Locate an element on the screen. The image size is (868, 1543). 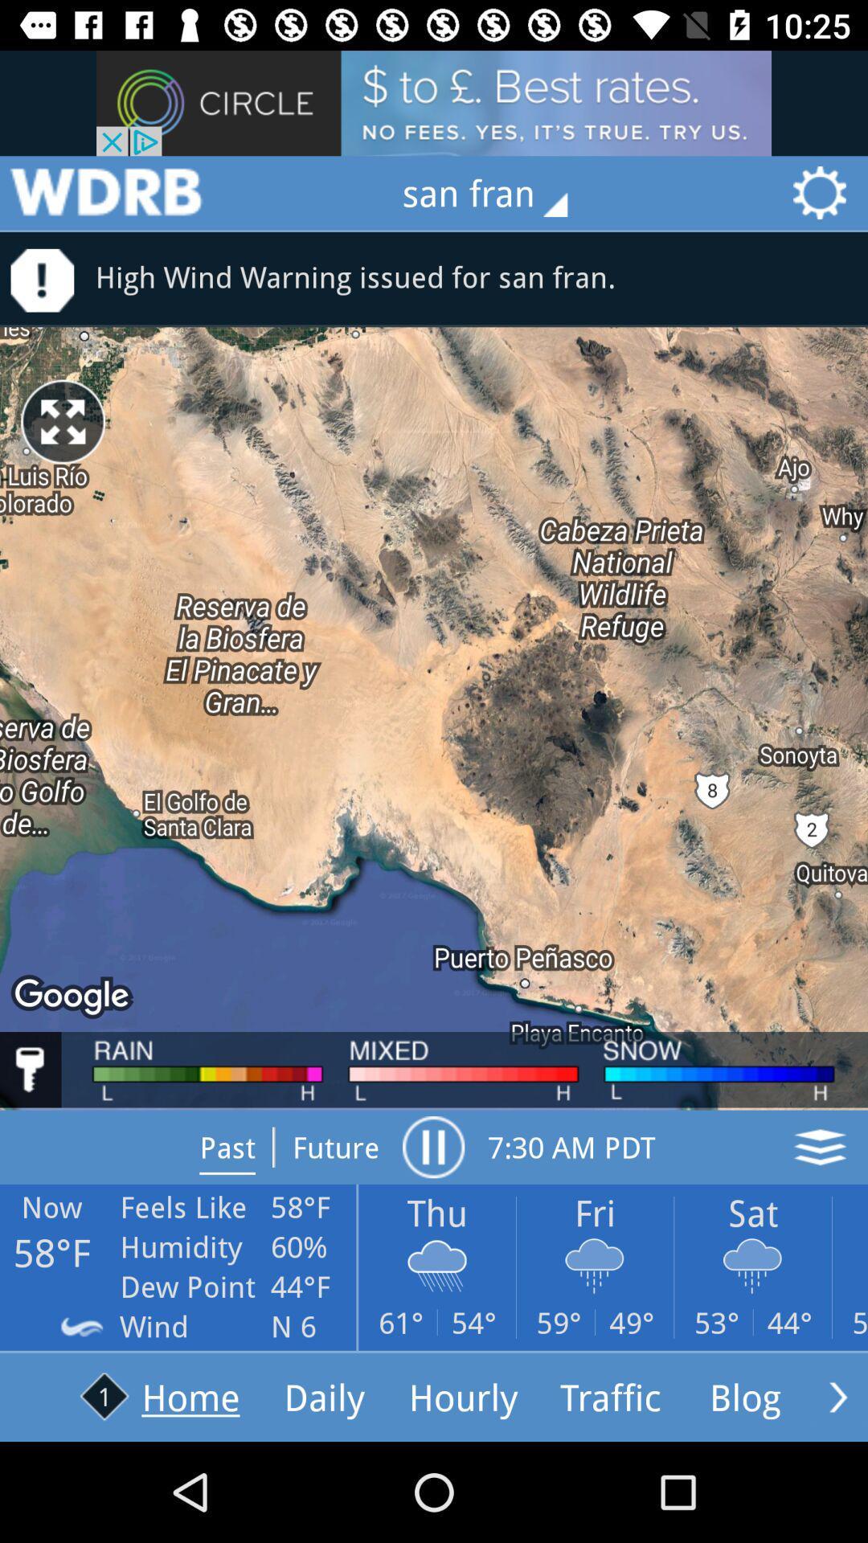
the layers icon is located at coordinates (820, 1146).